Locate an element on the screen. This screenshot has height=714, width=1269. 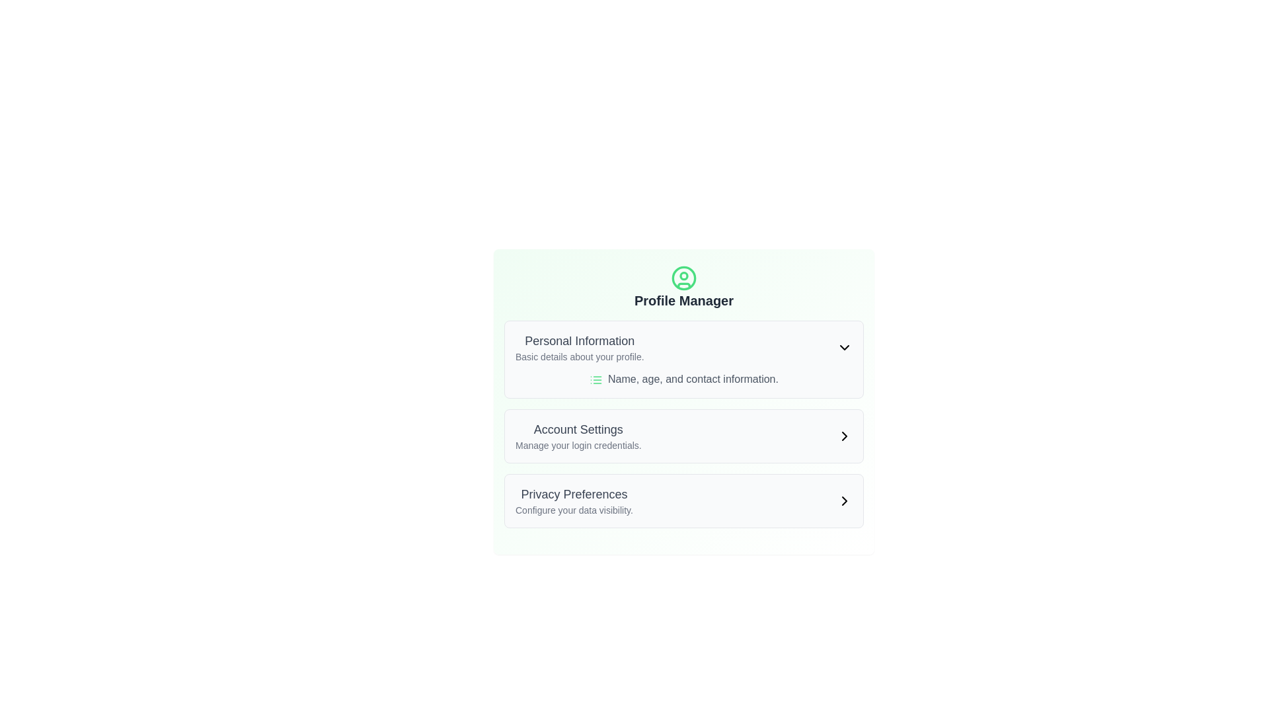
the third item in the vertically aligned list of options is located at coordinates (574, 501).